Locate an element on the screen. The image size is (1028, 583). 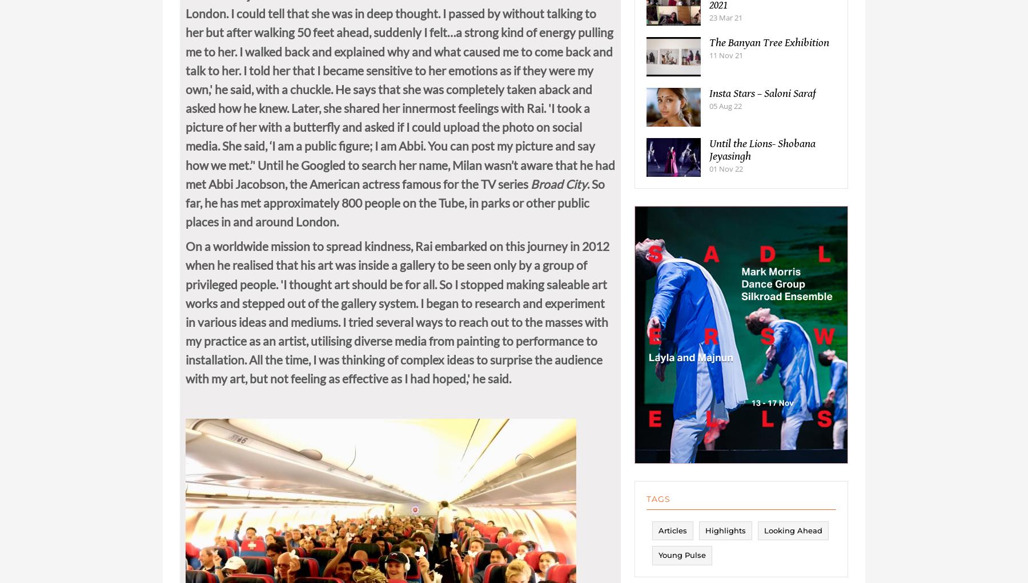
'23 Mar 21' is located at coordinates (709, 28).